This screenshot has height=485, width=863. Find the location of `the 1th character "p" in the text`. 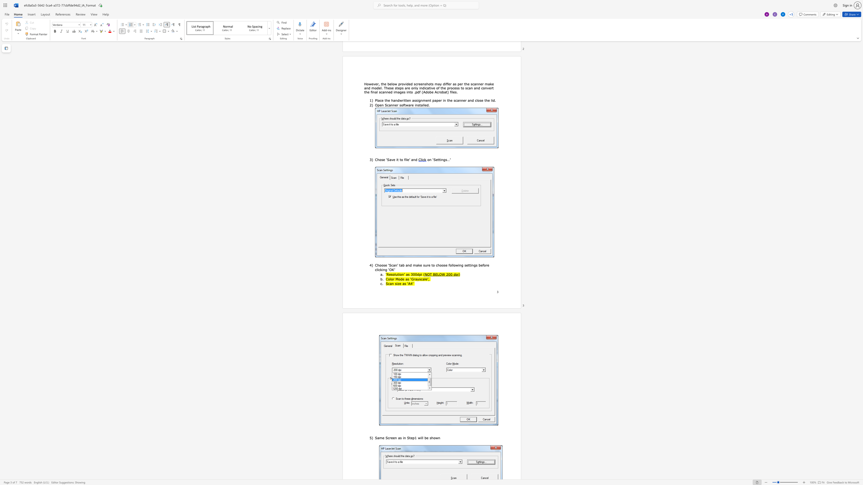

the 1th character "p" in the text is located at coordinates (420, 274).